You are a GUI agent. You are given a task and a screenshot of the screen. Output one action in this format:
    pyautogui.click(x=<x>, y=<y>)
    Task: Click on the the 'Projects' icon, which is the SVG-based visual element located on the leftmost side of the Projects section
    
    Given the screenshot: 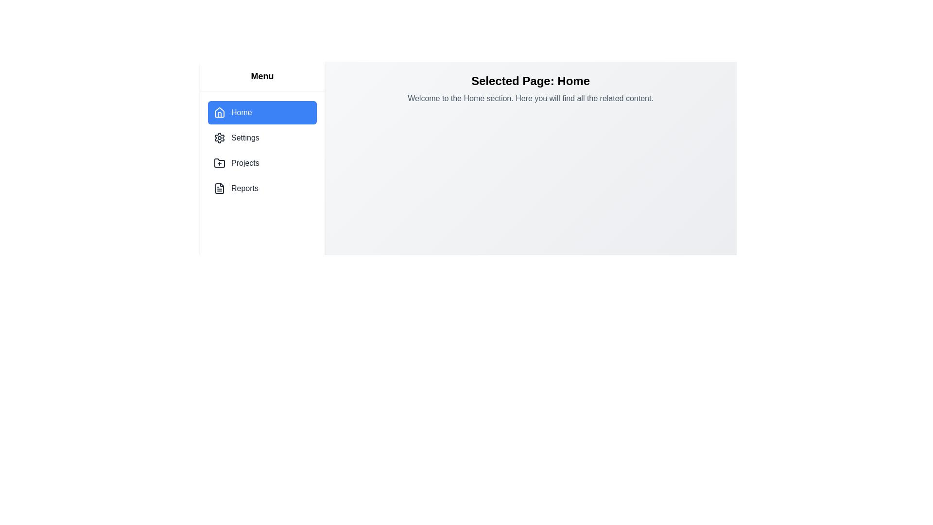 What is the action you would take?
    pyautogui.click(x=219, y=162)
    